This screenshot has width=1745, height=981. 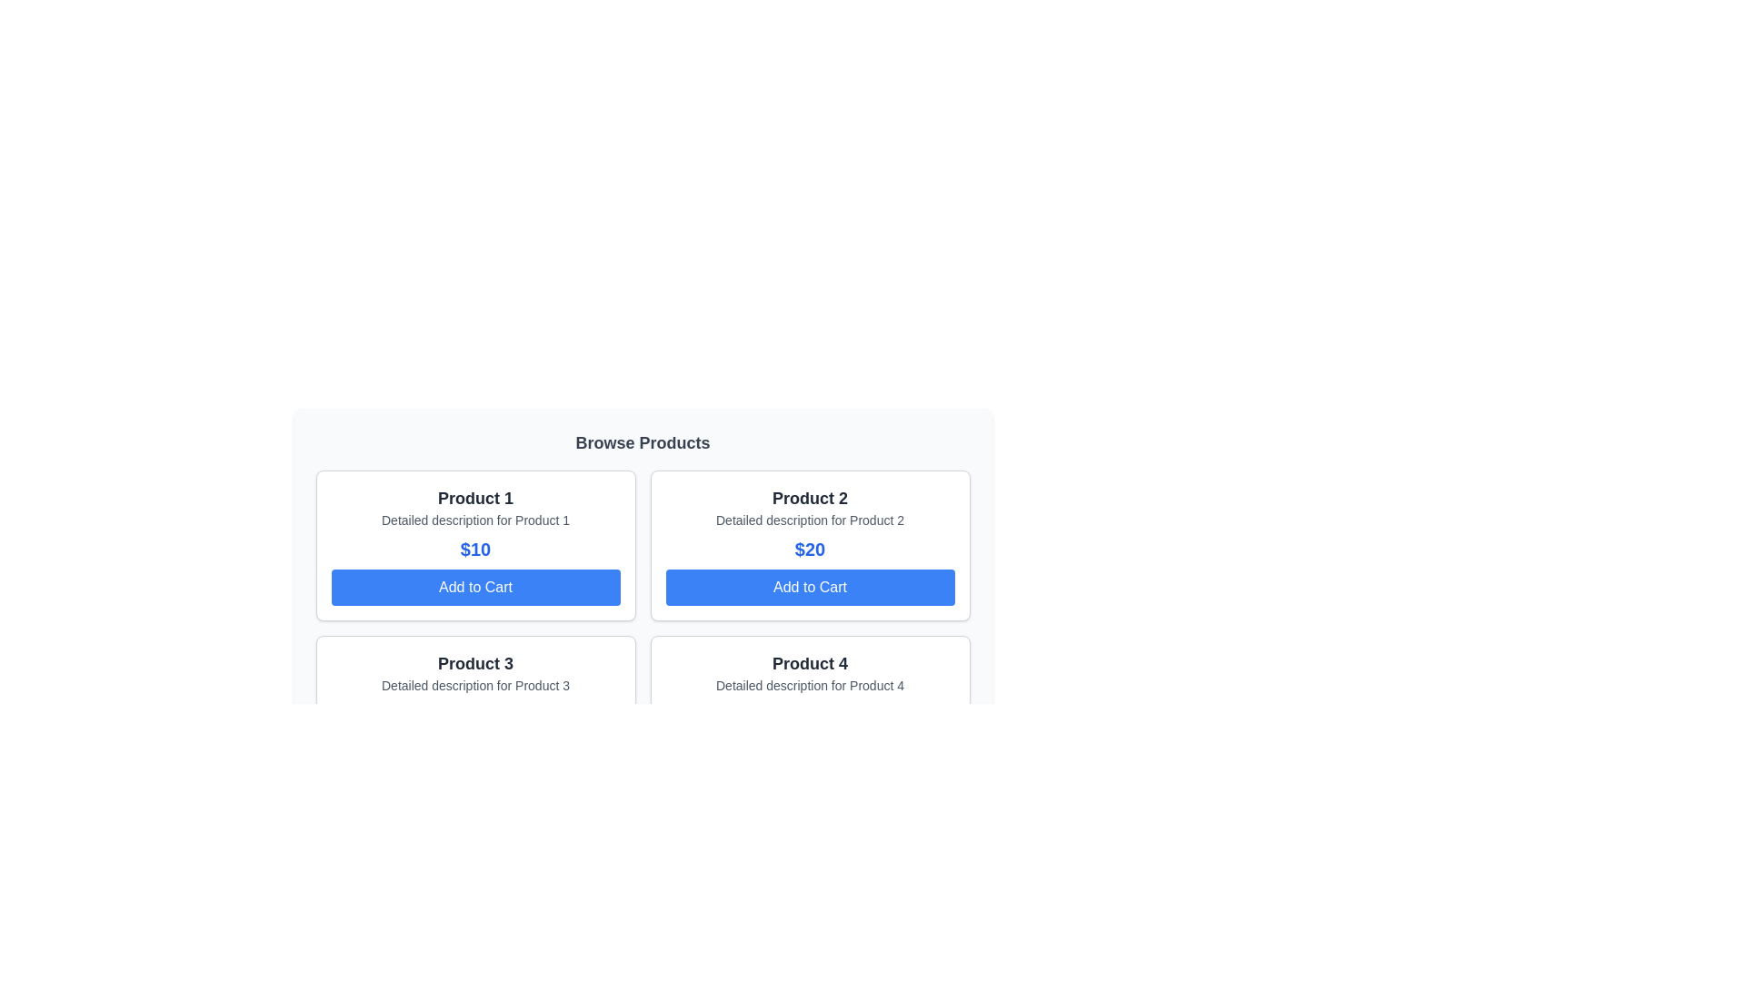 I want to click on the button with a blue background and white text reading 'Add to Cart', located at the bottom of the 'Product 1' card, so click(x=475, y=588).